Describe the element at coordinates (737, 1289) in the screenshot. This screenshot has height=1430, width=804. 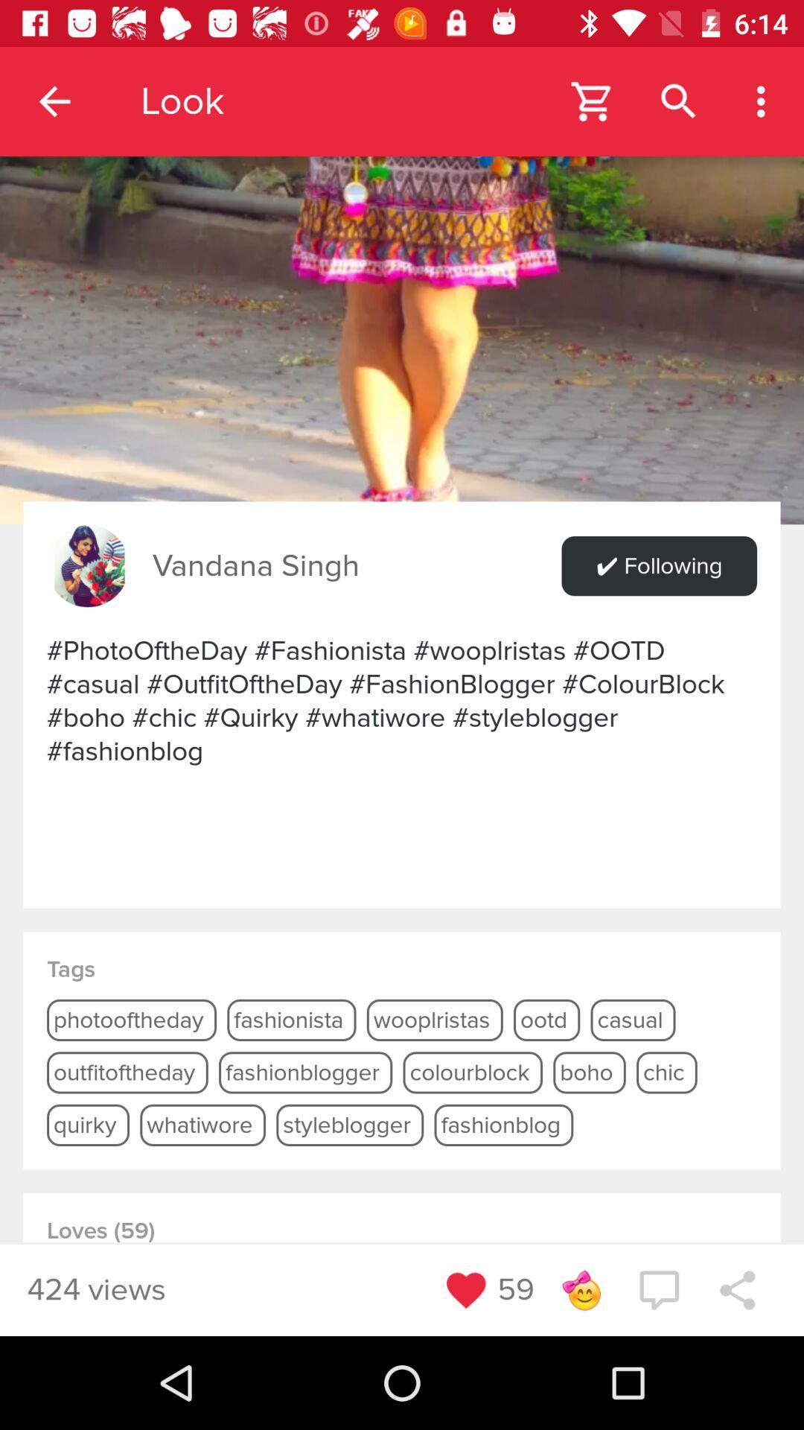
I see `share photo` at that location.